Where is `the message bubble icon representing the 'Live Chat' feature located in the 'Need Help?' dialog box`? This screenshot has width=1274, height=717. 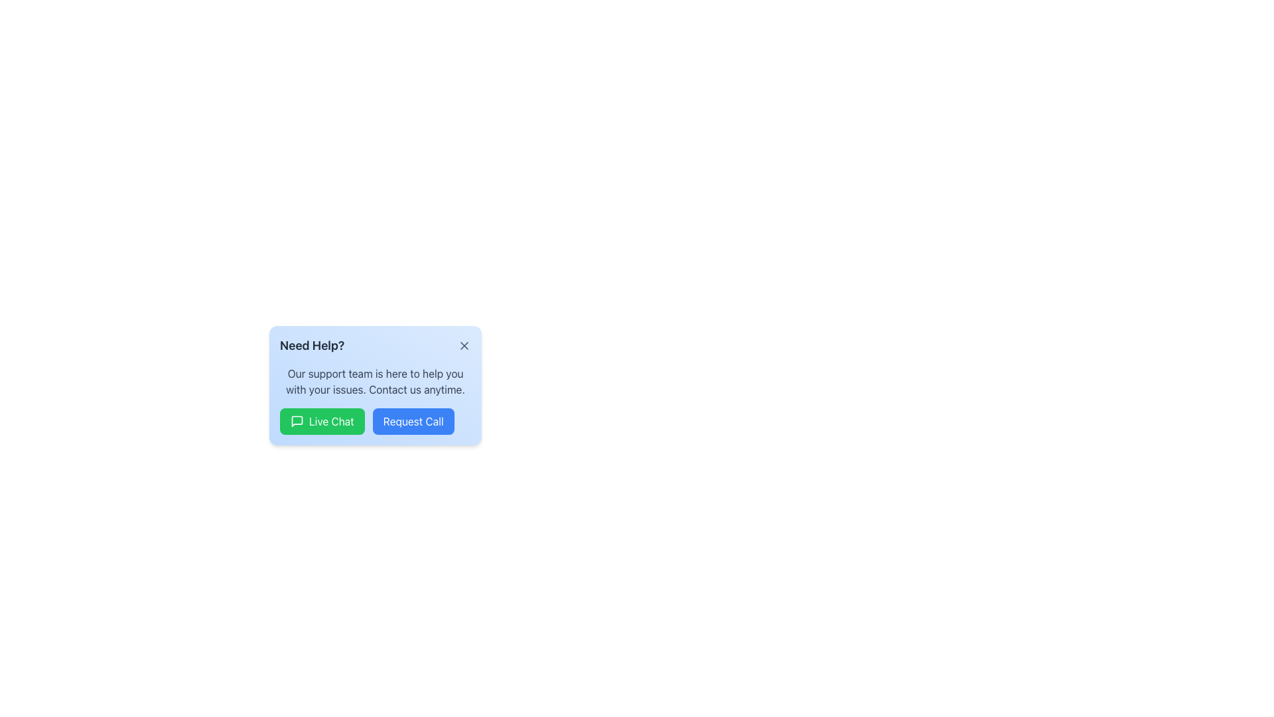
the message bubble icon representing the 'Live Chat' feature located in the 'Need Help?' dialog box is located at coordinates (296, 422).